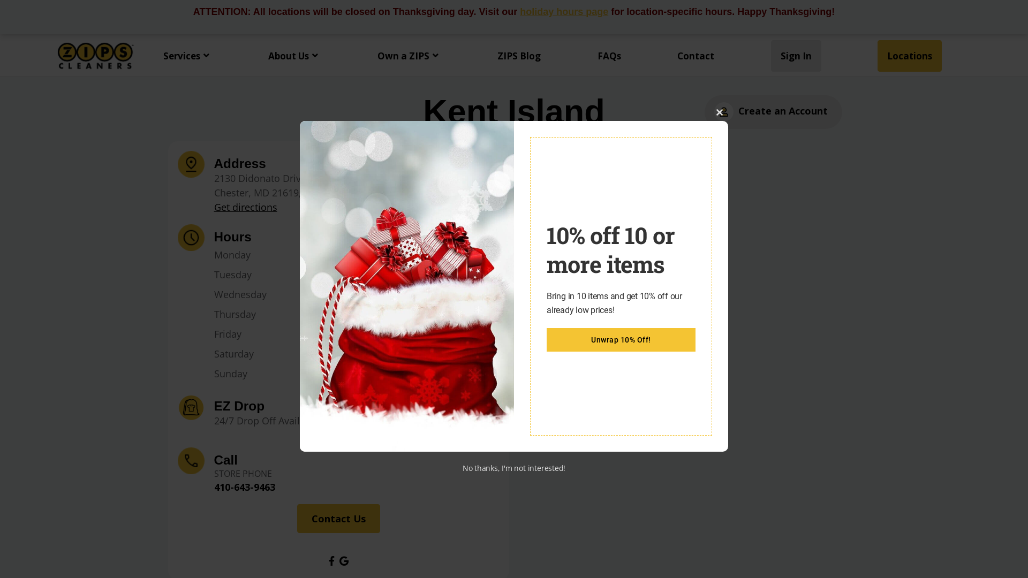  What do you see at coordinates (338, 518) in the screenshot?
I see `'Contact Us'` at bounding box center [338, 518].